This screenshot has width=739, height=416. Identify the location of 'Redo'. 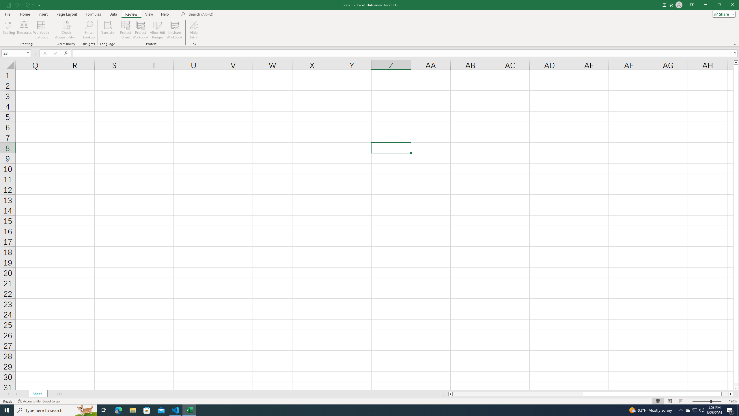
(29, 4).